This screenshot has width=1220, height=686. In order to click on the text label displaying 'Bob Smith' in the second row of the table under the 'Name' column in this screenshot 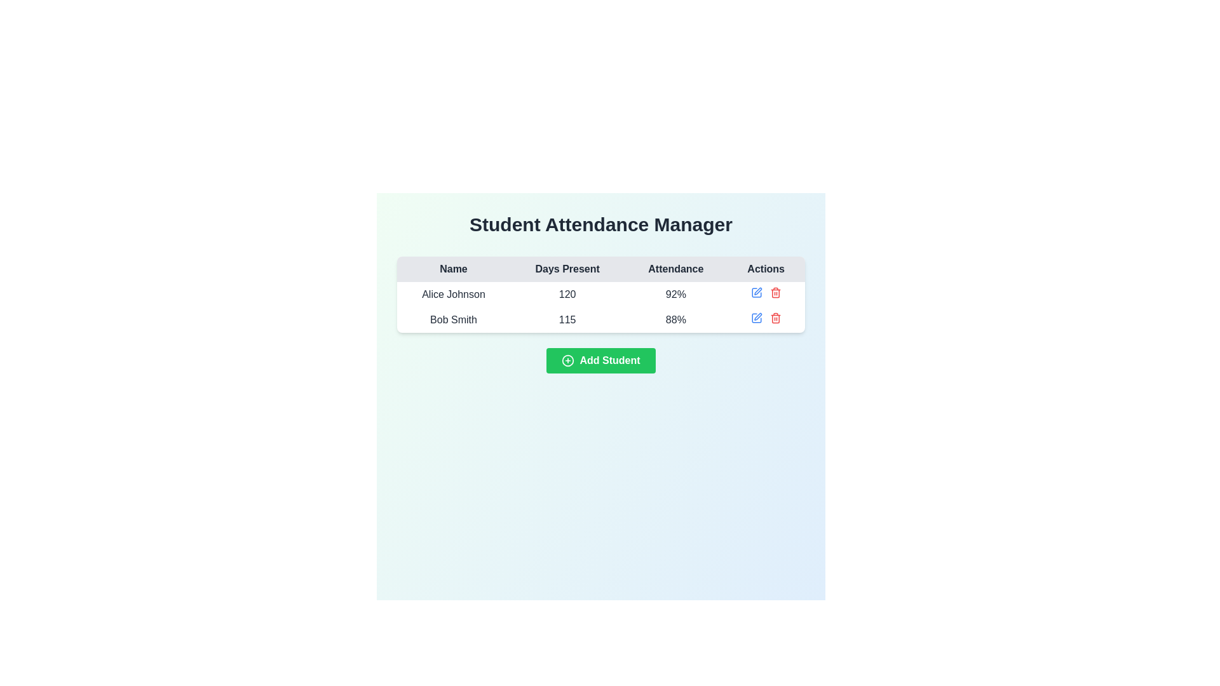, I will do `click(454, 319)`.